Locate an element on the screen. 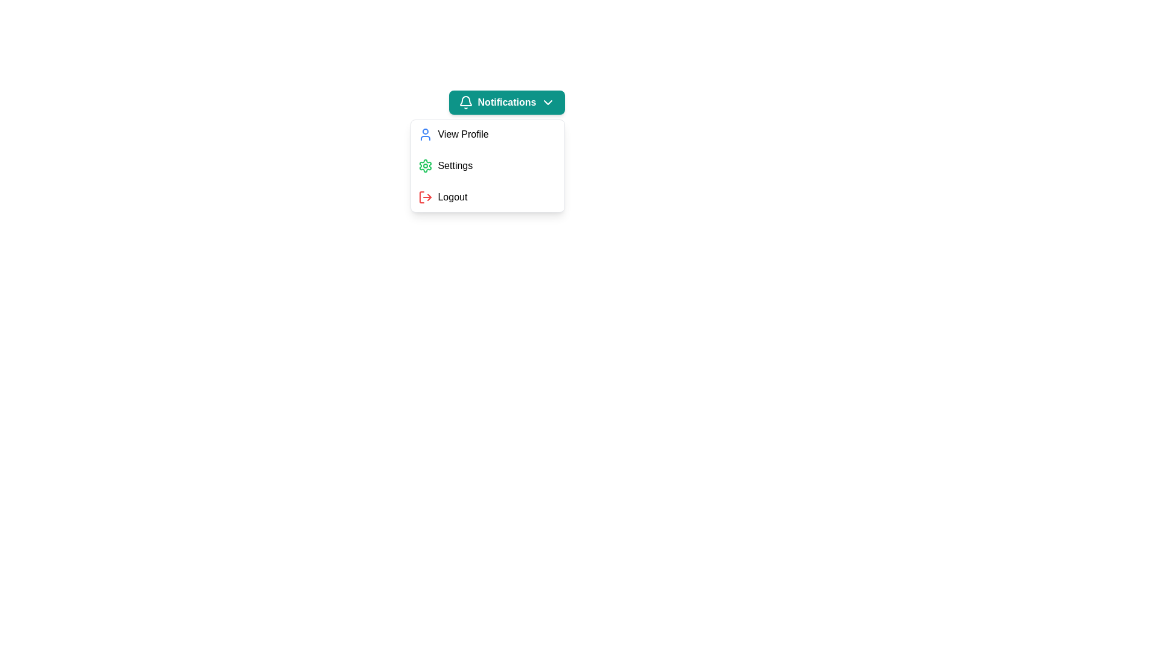 This screenshot has height=652, width=1159. the menu option View Profile is located at coordinates (488, 135).